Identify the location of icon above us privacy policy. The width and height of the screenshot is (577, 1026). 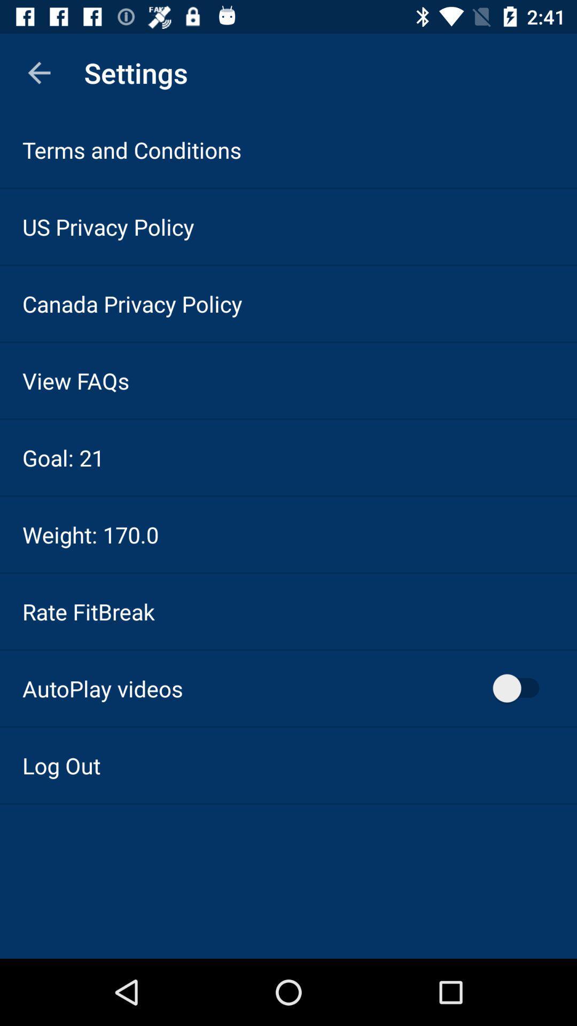
(131, 149).